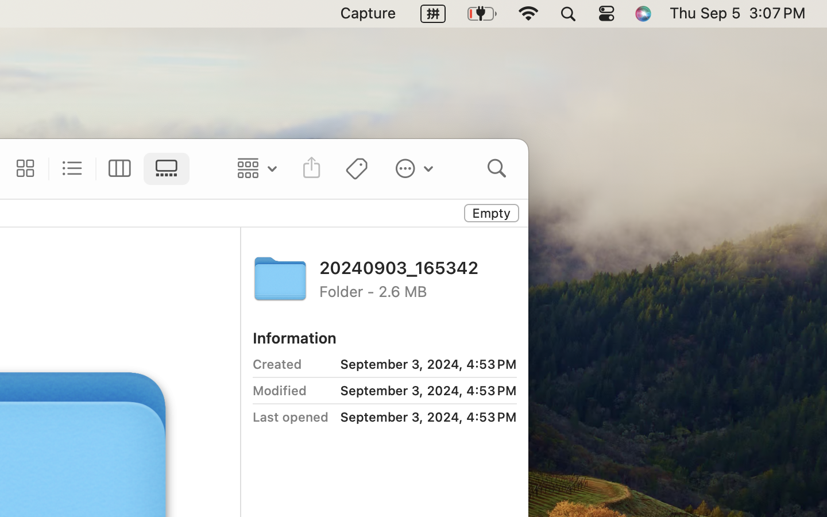  What do you see at coordinates (290, 416) in the screenshot?
I see `'Last opened'` at bounding box center [290, 416].